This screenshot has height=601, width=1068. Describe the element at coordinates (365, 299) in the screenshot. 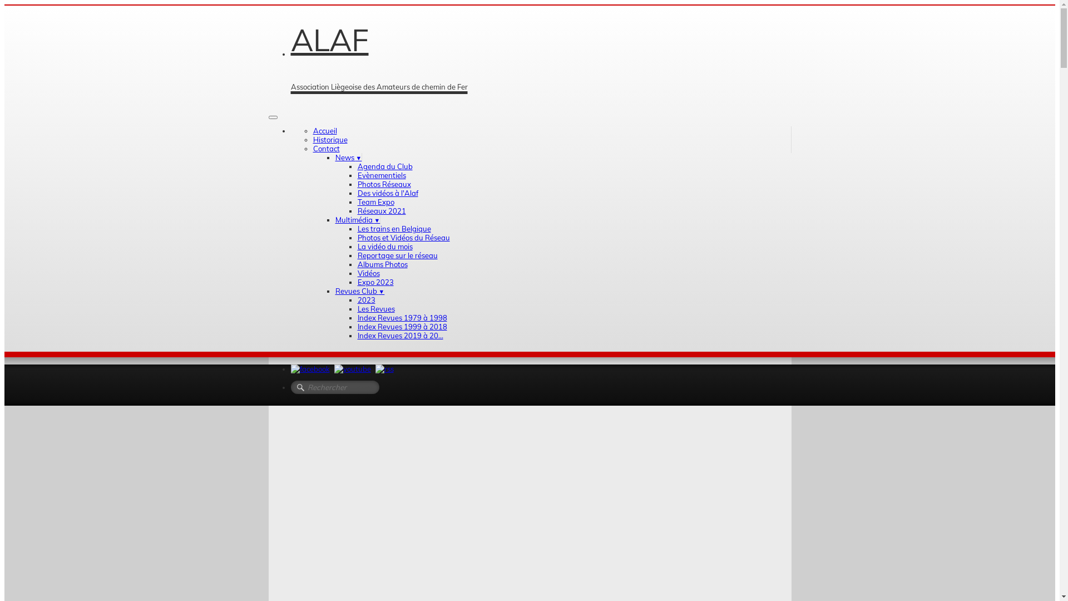

I see `'2023'` at that location.